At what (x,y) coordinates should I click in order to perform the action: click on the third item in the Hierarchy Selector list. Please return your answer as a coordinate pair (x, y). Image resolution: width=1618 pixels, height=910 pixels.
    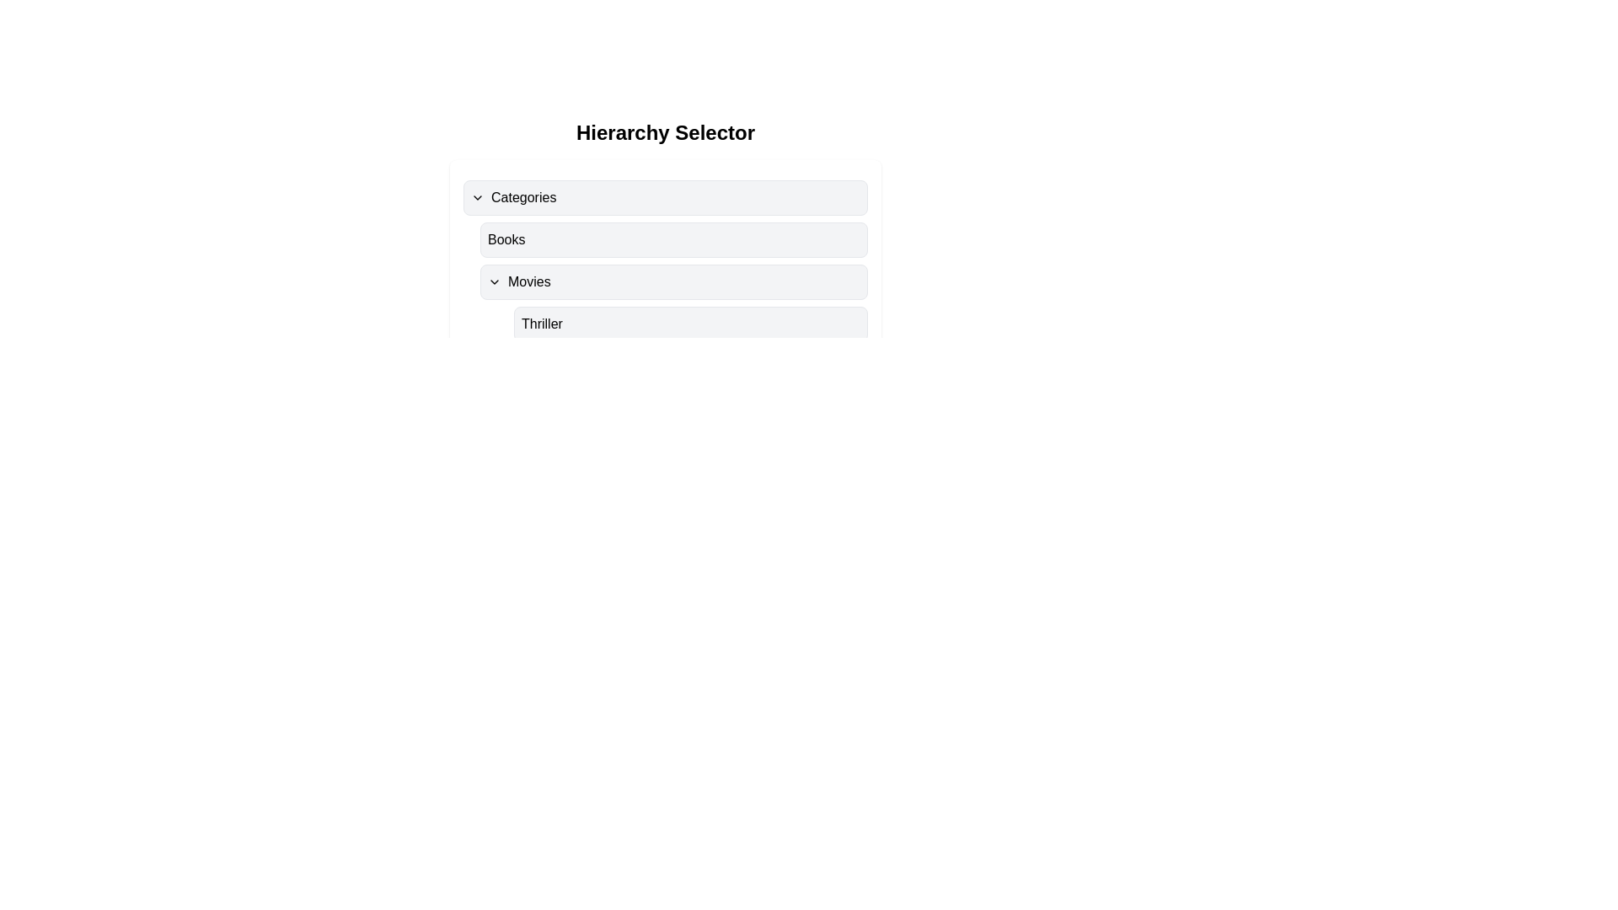
    Looking at the image, I should click on (665, 278).